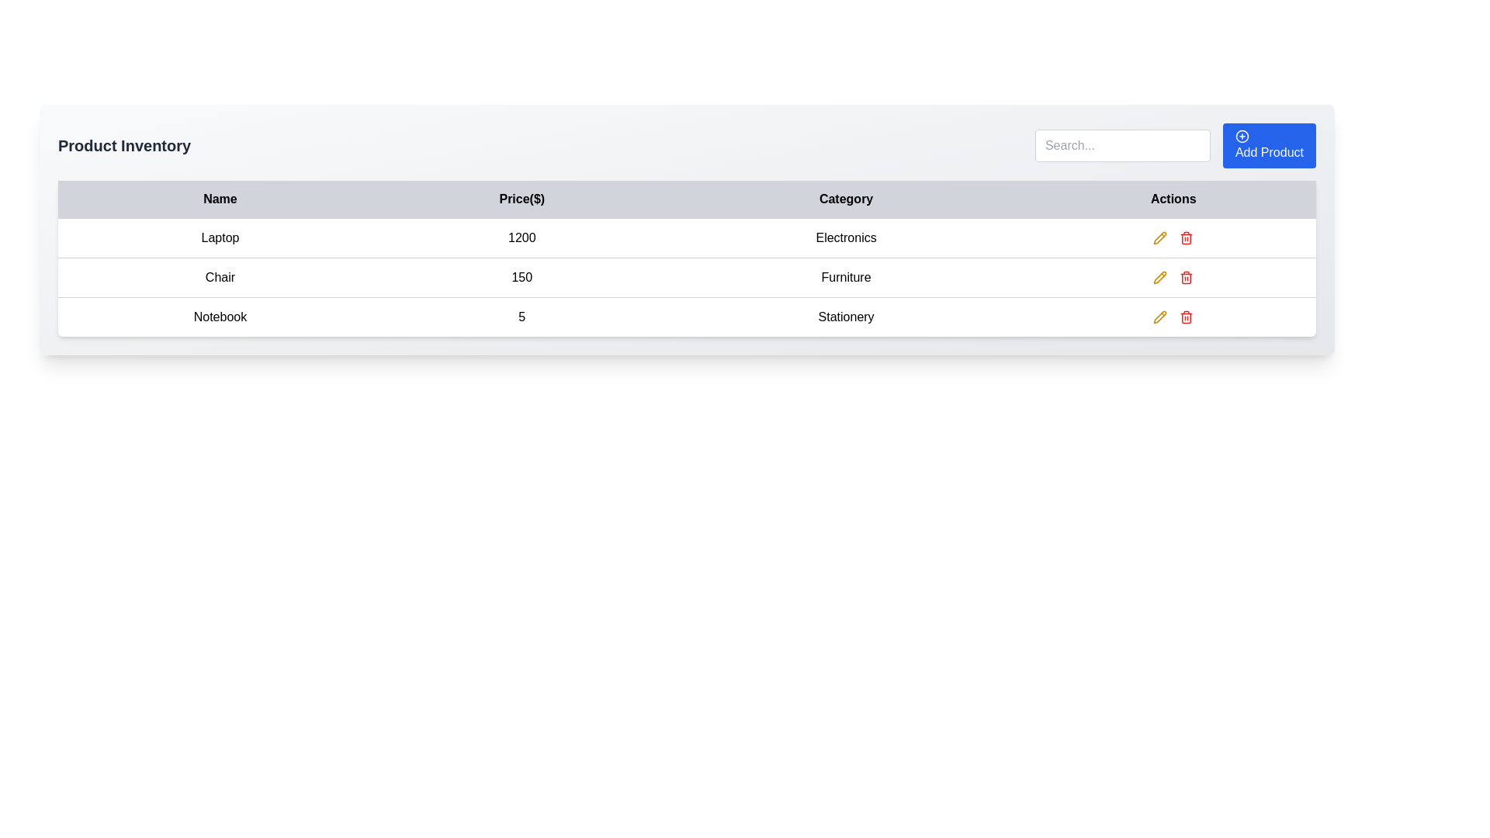  What do you see at coordinates (1186, 239) in the screenshot?
I see `the second vertical line of the trash icon, which serves as a delete functionality in the action section of the third row in the table` at bounding box center [1186, 239].